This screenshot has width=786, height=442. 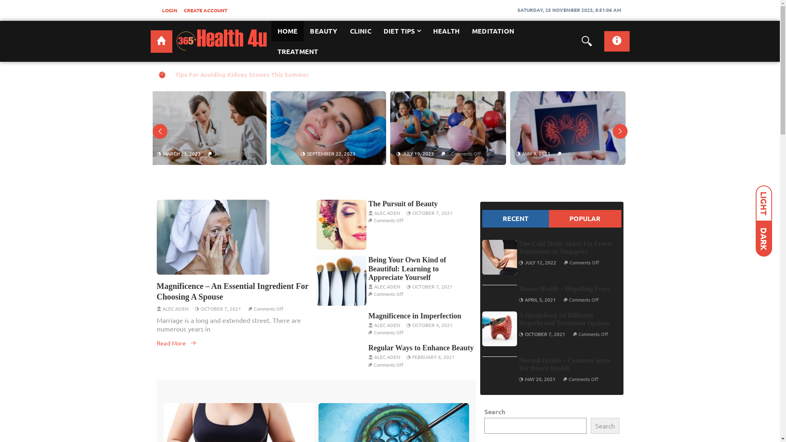 What do you see at coordinates (287, 31) in the screenshot?
I see `'HOME'` at bounding box center [287, 31].